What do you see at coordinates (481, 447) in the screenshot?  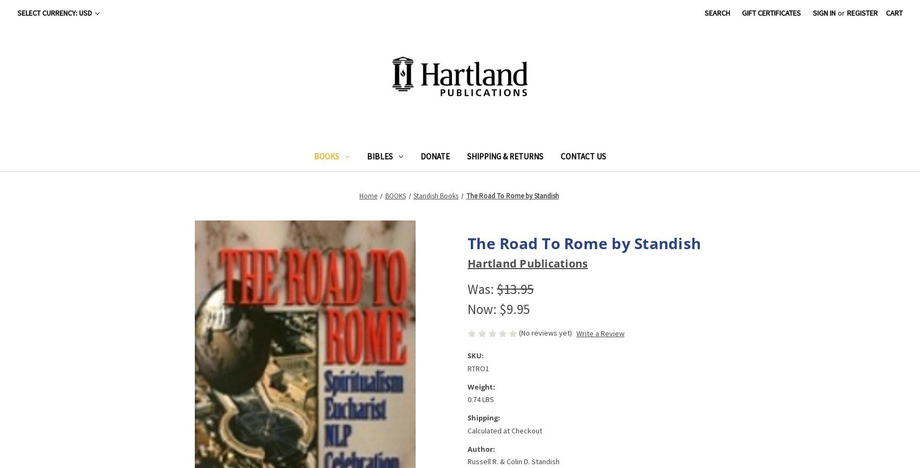 I see `'Author:'` at bounding box center [481, 447].